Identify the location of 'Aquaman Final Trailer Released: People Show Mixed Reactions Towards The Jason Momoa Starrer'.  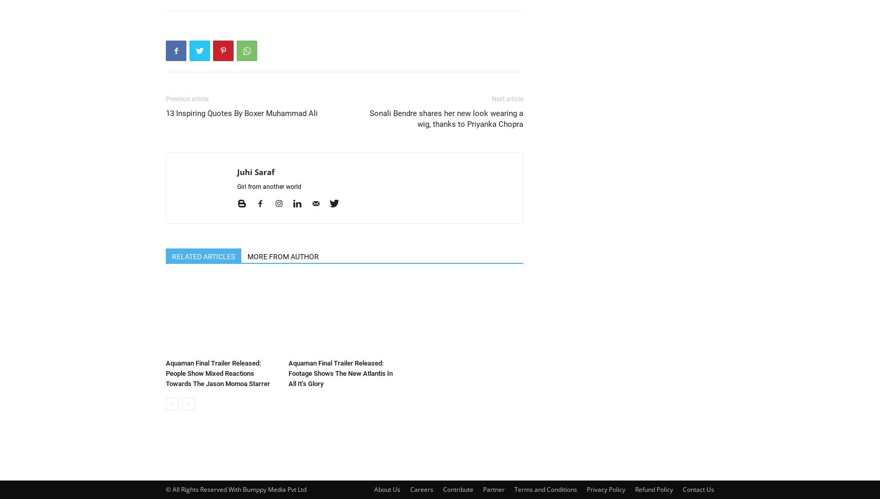
(217, 373).